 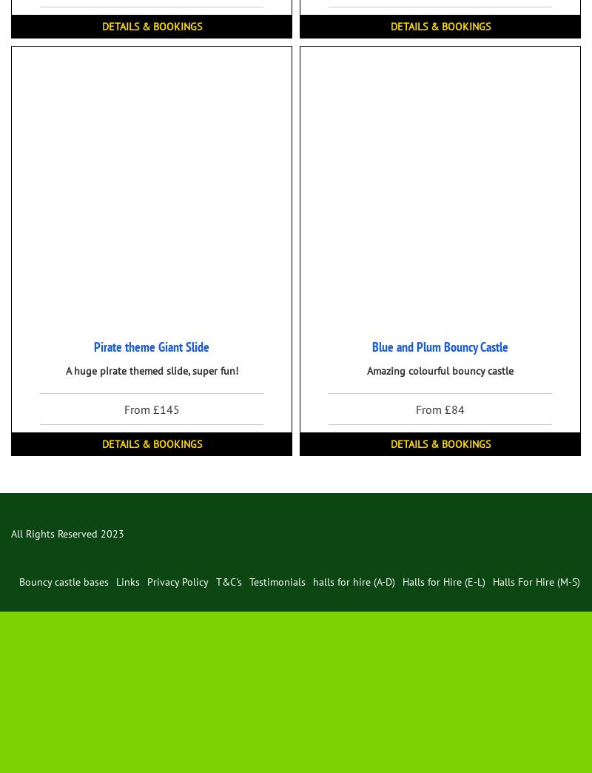 I want to click on 'Pirate theme Giant Slide', so click(x=151, y=347).